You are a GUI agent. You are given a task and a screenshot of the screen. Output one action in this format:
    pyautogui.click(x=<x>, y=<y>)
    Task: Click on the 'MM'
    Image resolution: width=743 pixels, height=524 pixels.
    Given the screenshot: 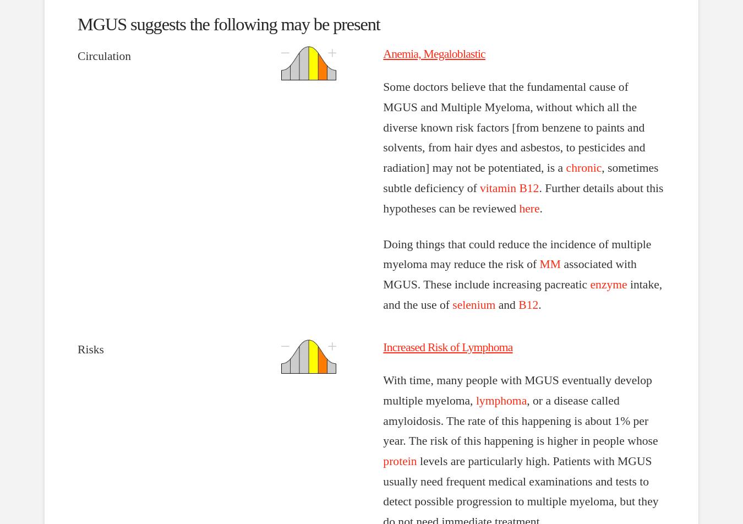 What is the action you would take?
    pyautogui.click(x=538, y=264)
    